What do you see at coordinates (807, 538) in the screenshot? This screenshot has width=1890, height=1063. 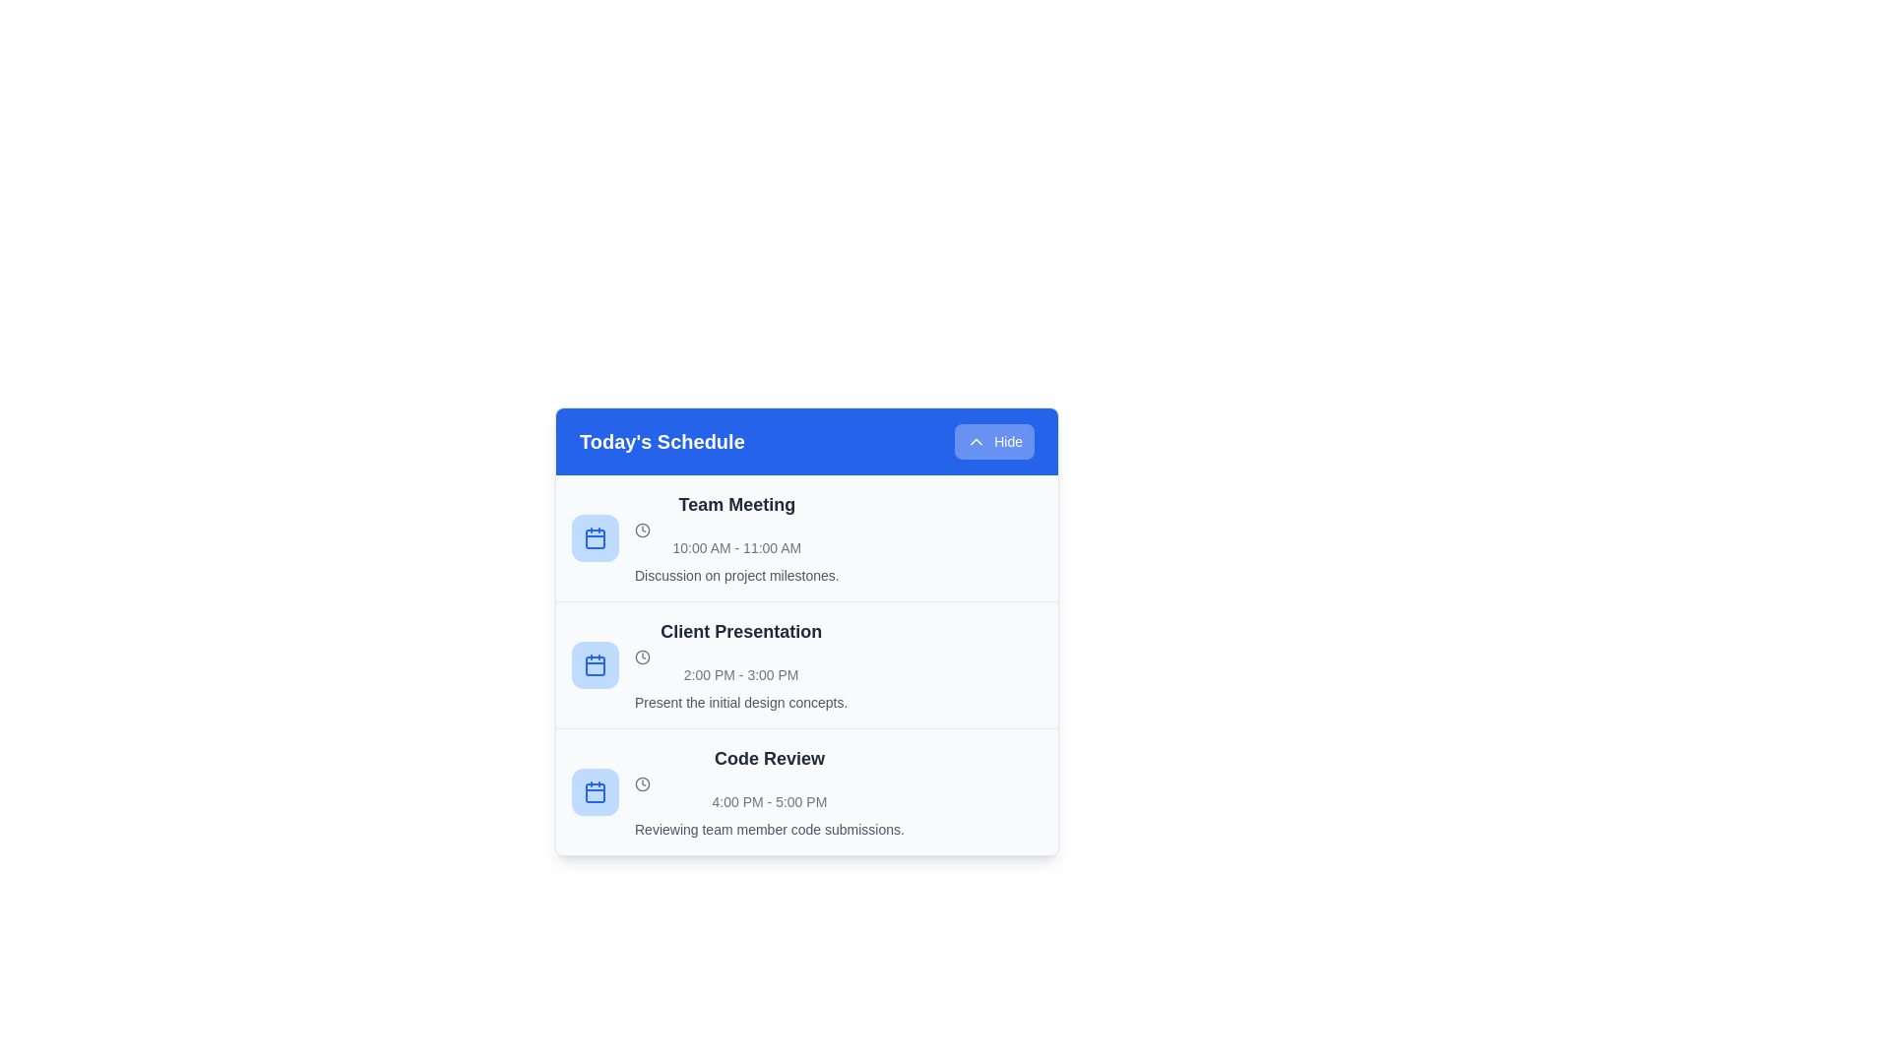 I see `the Information Card that displays details about a scheduled event, which is located in the first row of a list under 'Today's Schedule'` at bounding box center [807, 538].